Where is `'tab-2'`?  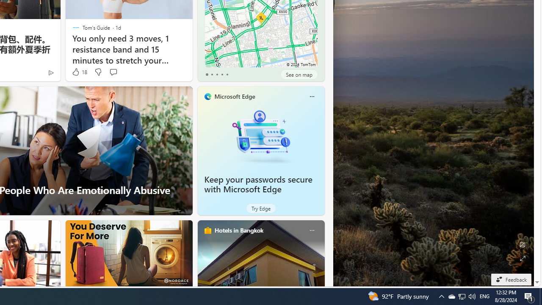
'tab-2' is located at coordinates (217, 74).